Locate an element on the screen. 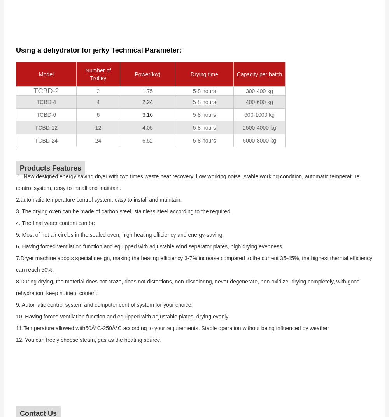  '8.During drying, the material does not craze, does not distortions, non-discoloring, never degenerate, non-oxidize, drying completely, with good rehydration, keep nutrient content;' is located at coordinates (188, 287).